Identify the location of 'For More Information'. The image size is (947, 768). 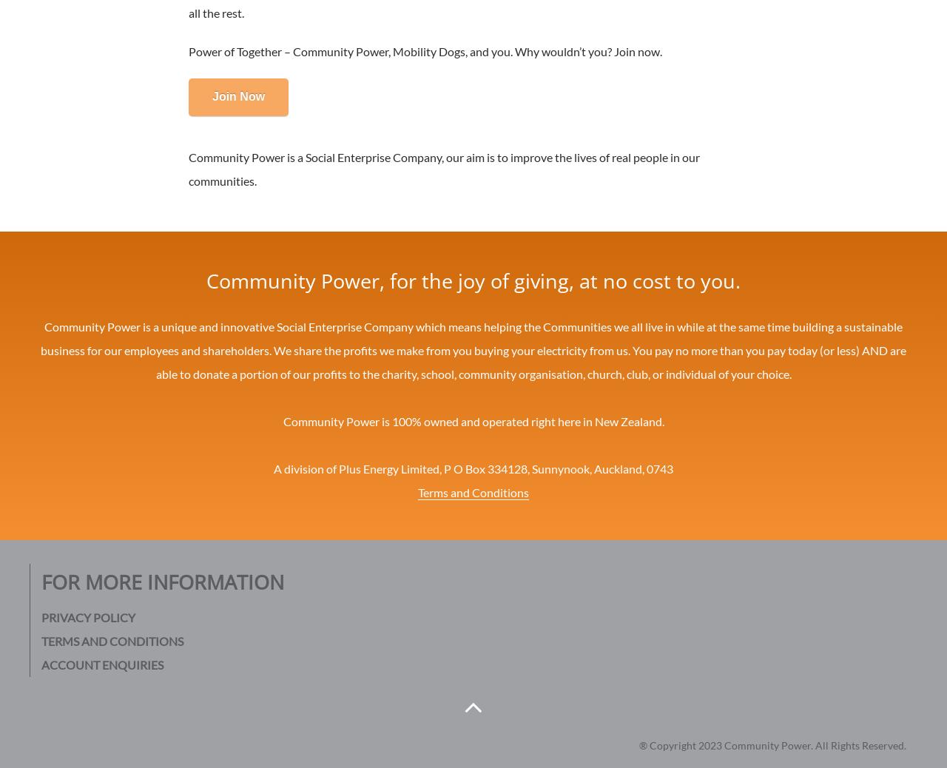
(163, 581).